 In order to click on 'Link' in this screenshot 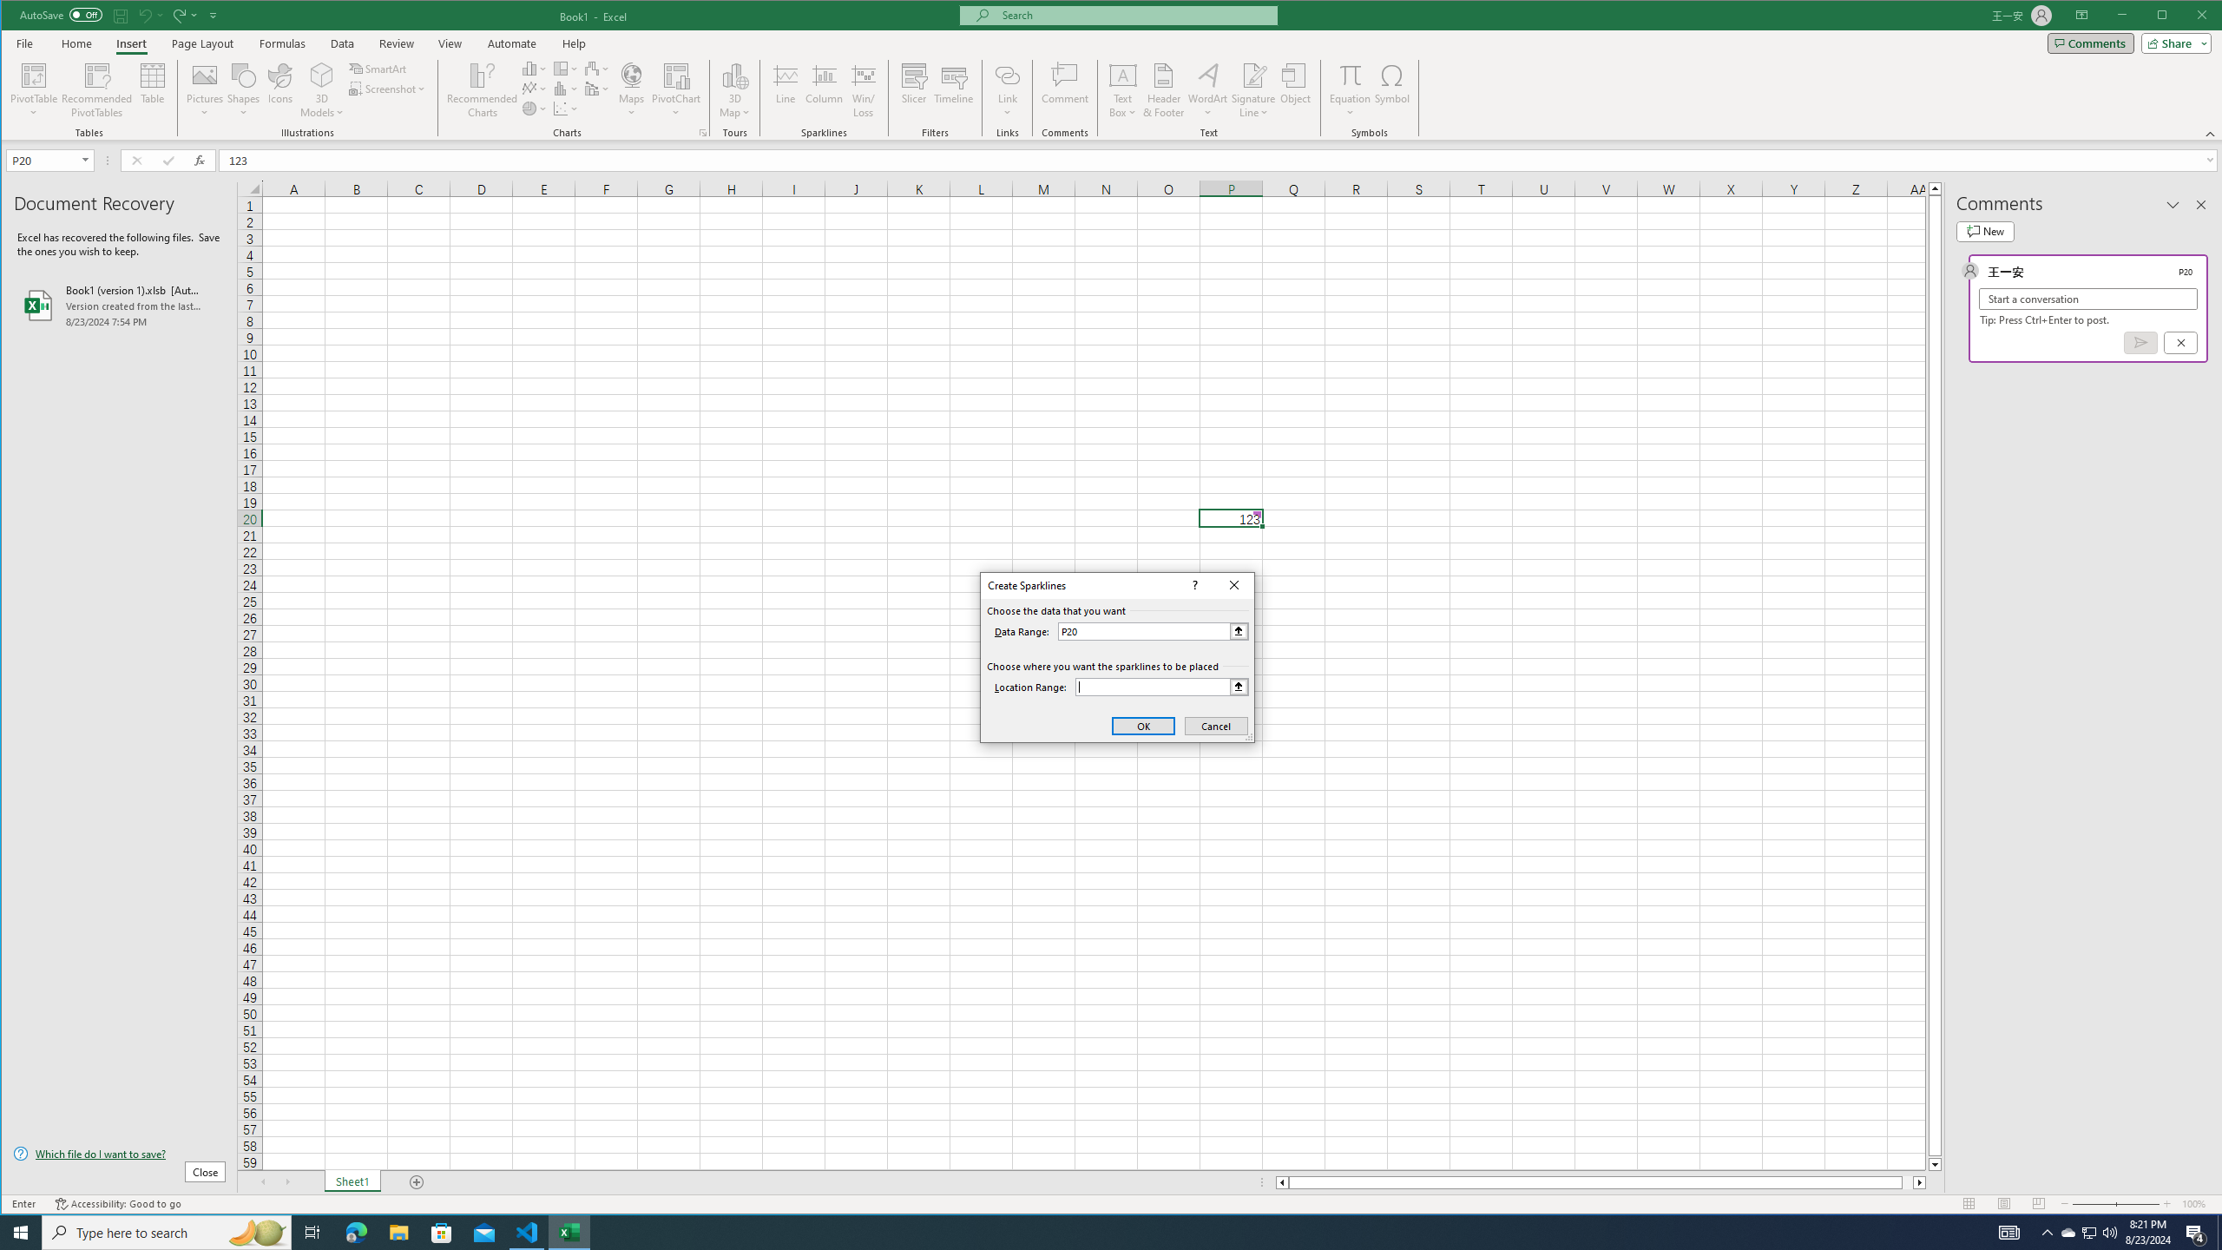, I will do `click(1006, 89)`.